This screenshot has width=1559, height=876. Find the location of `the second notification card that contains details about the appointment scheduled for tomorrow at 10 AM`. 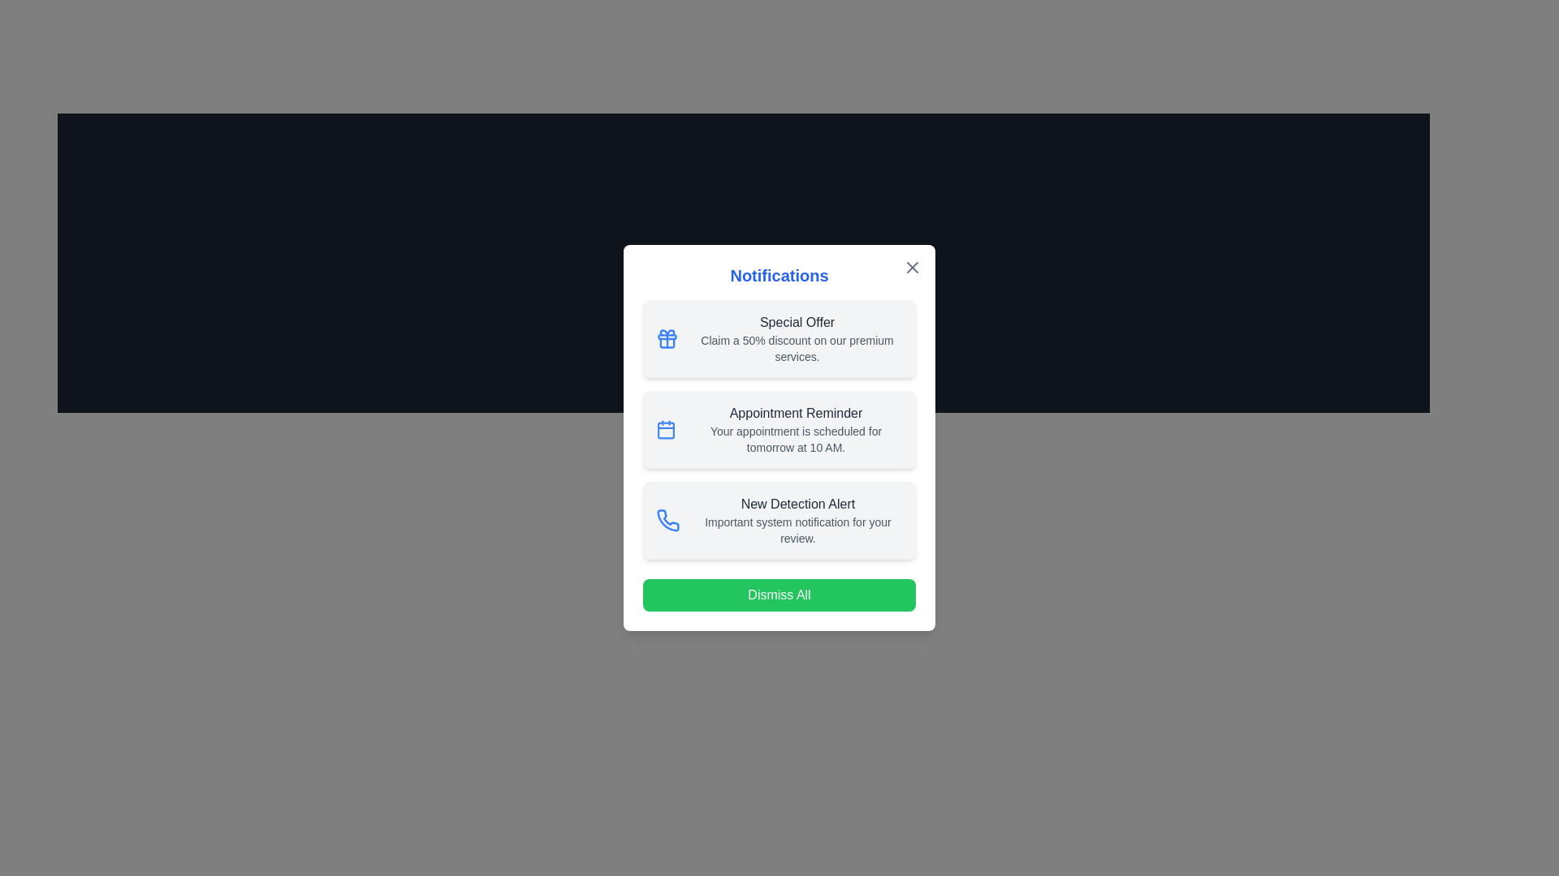

the second notification card that contains details about the appointment scheduled for tomorrow at 10 AM is located at coordinates (779, 428).